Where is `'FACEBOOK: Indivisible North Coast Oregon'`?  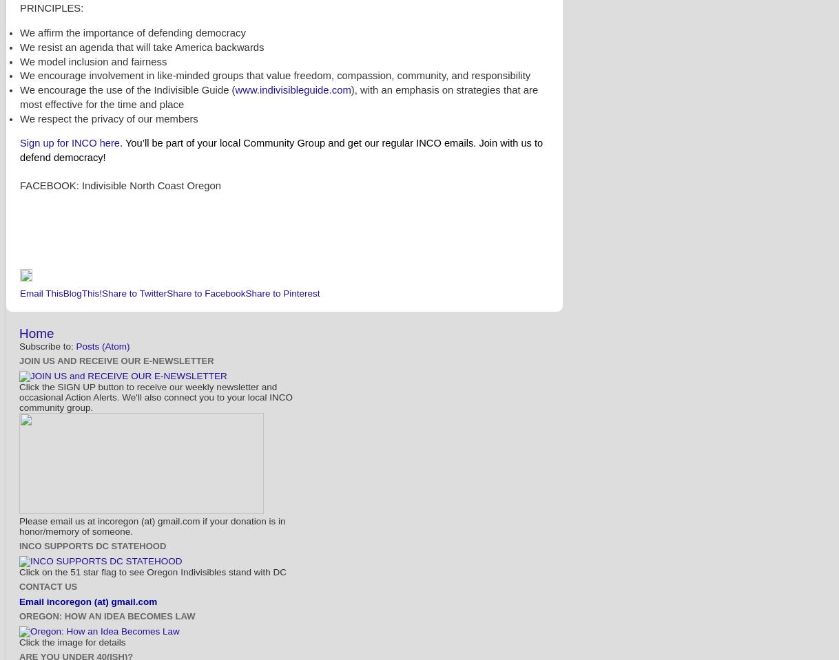 'FACEBOOK: Indivisible North Coast Oregon' is located at coordinates (121, 185).